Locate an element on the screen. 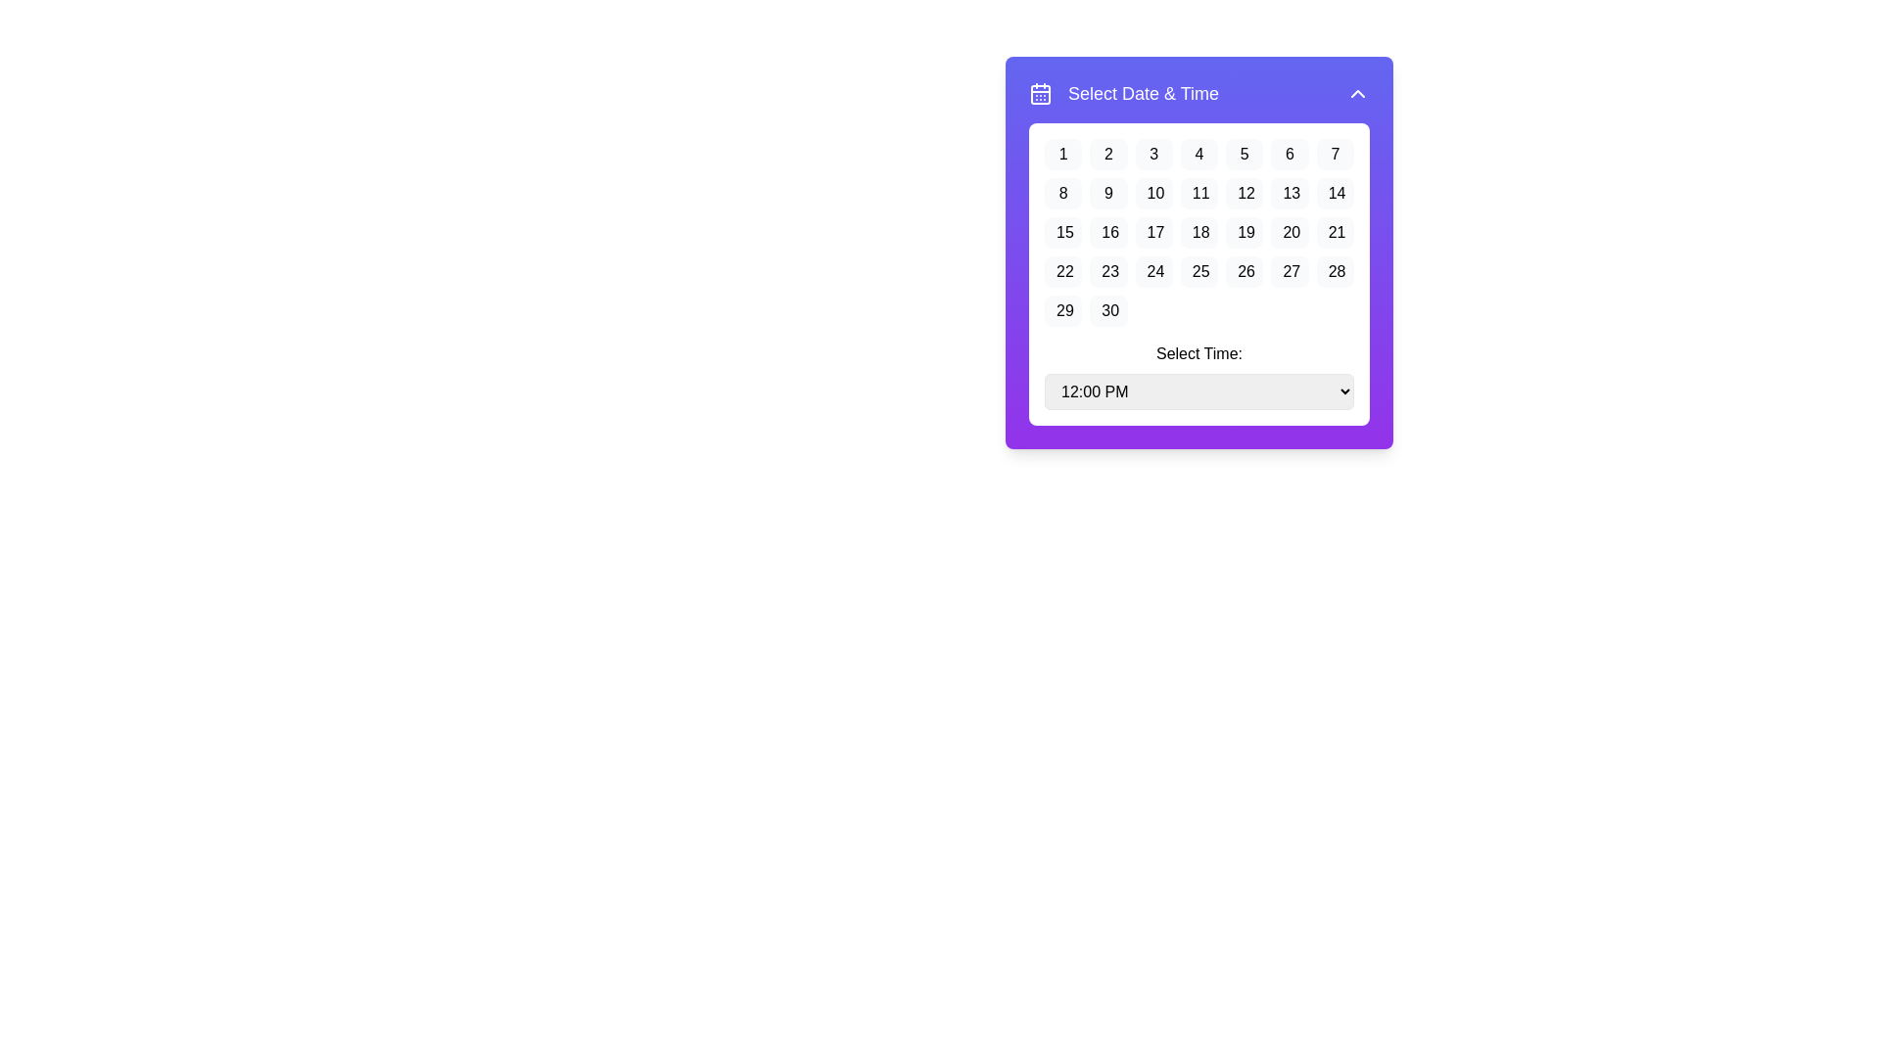 The width and height of the screenshot is (1880, 1057). the button displaying the number '15' in black text on a light gray background is located at coordinates (1062, 232).